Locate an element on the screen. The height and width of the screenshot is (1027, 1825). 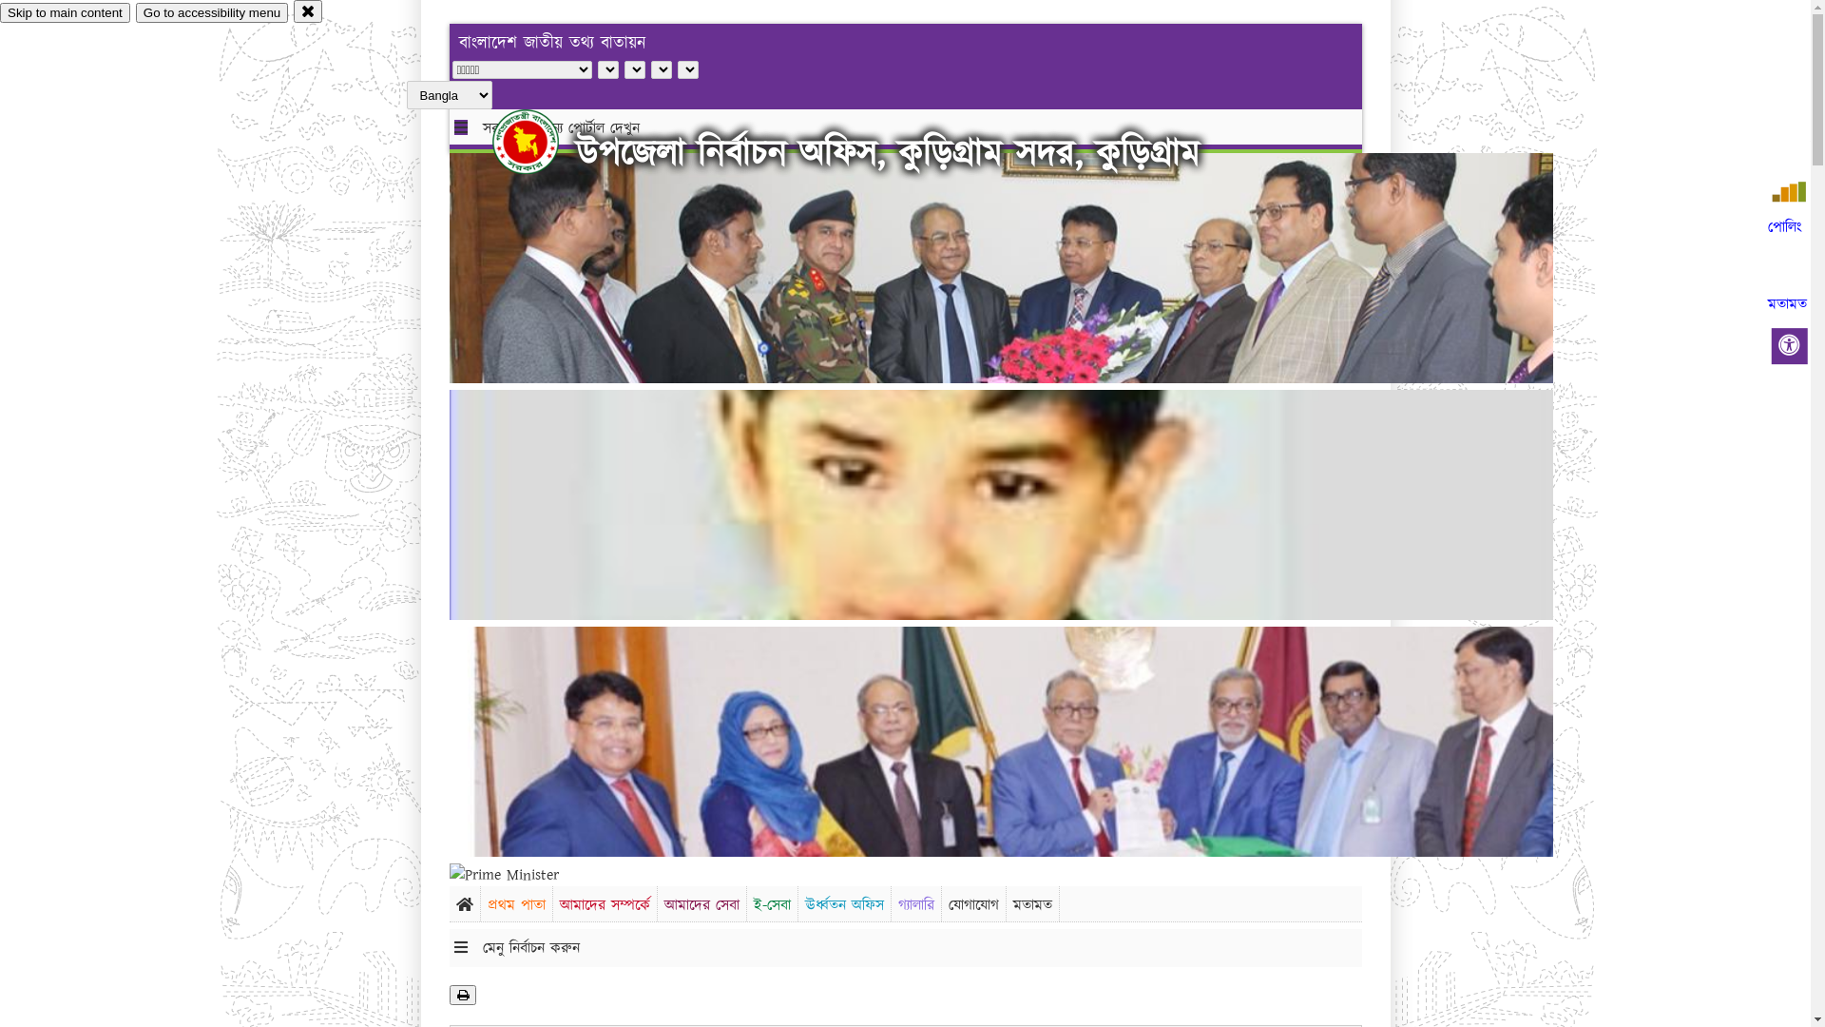
'Skip to main content' is located at coordinates (65, 12).